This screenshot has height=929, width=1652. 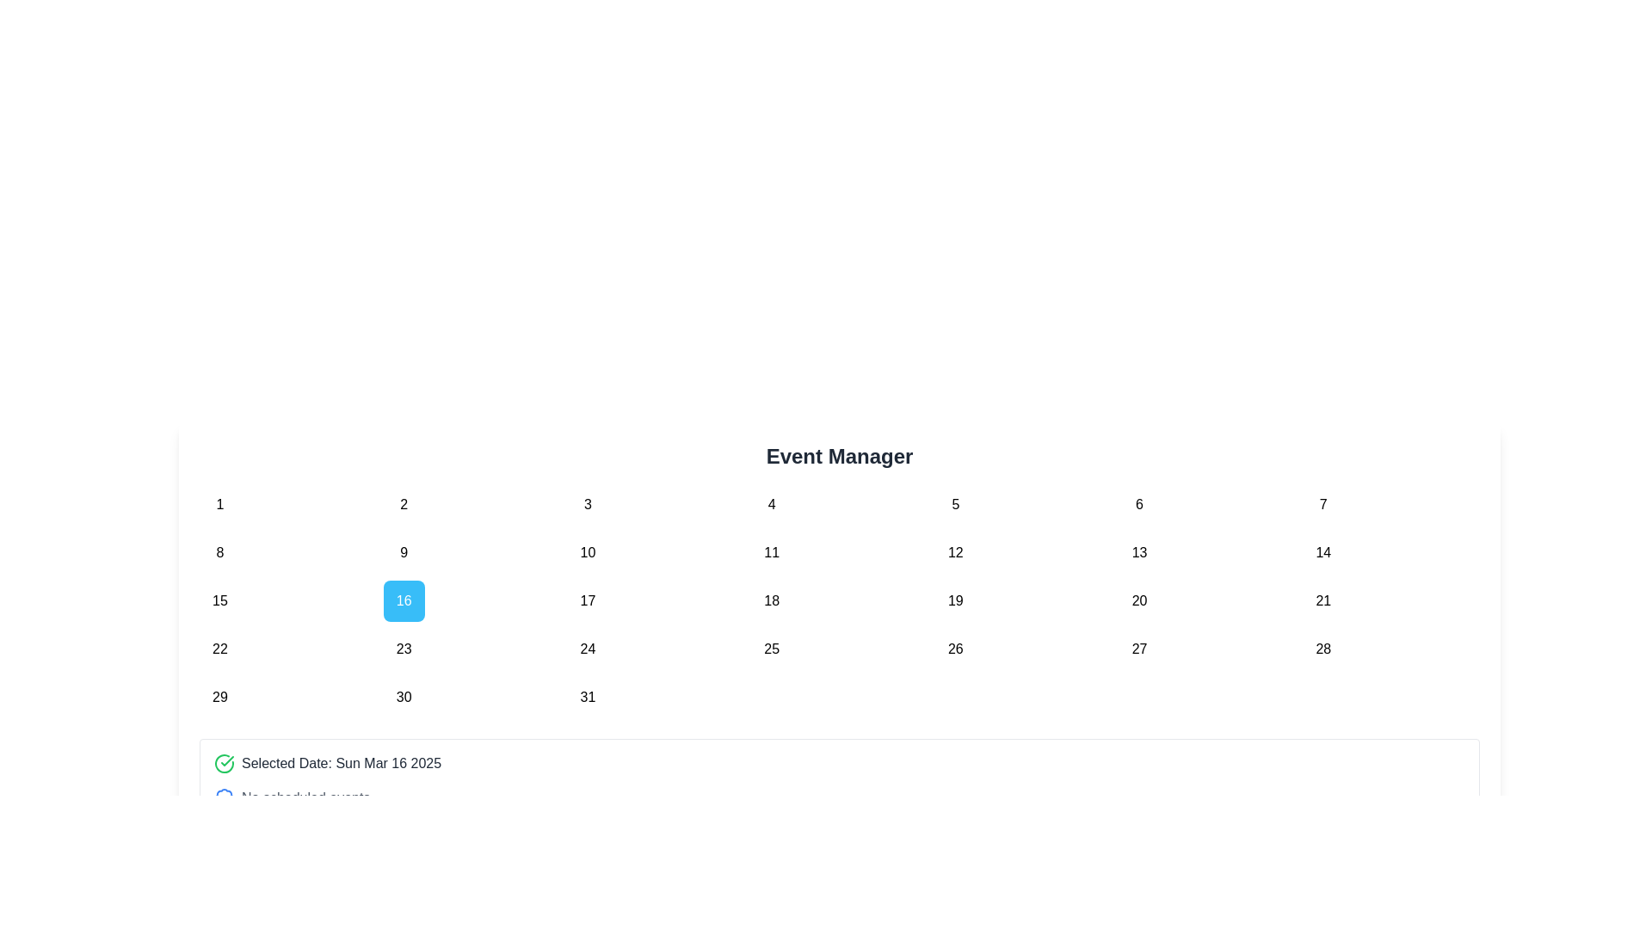 I want to click on the button representing the 19th day in the calendar view, so click(x=954, y=600).